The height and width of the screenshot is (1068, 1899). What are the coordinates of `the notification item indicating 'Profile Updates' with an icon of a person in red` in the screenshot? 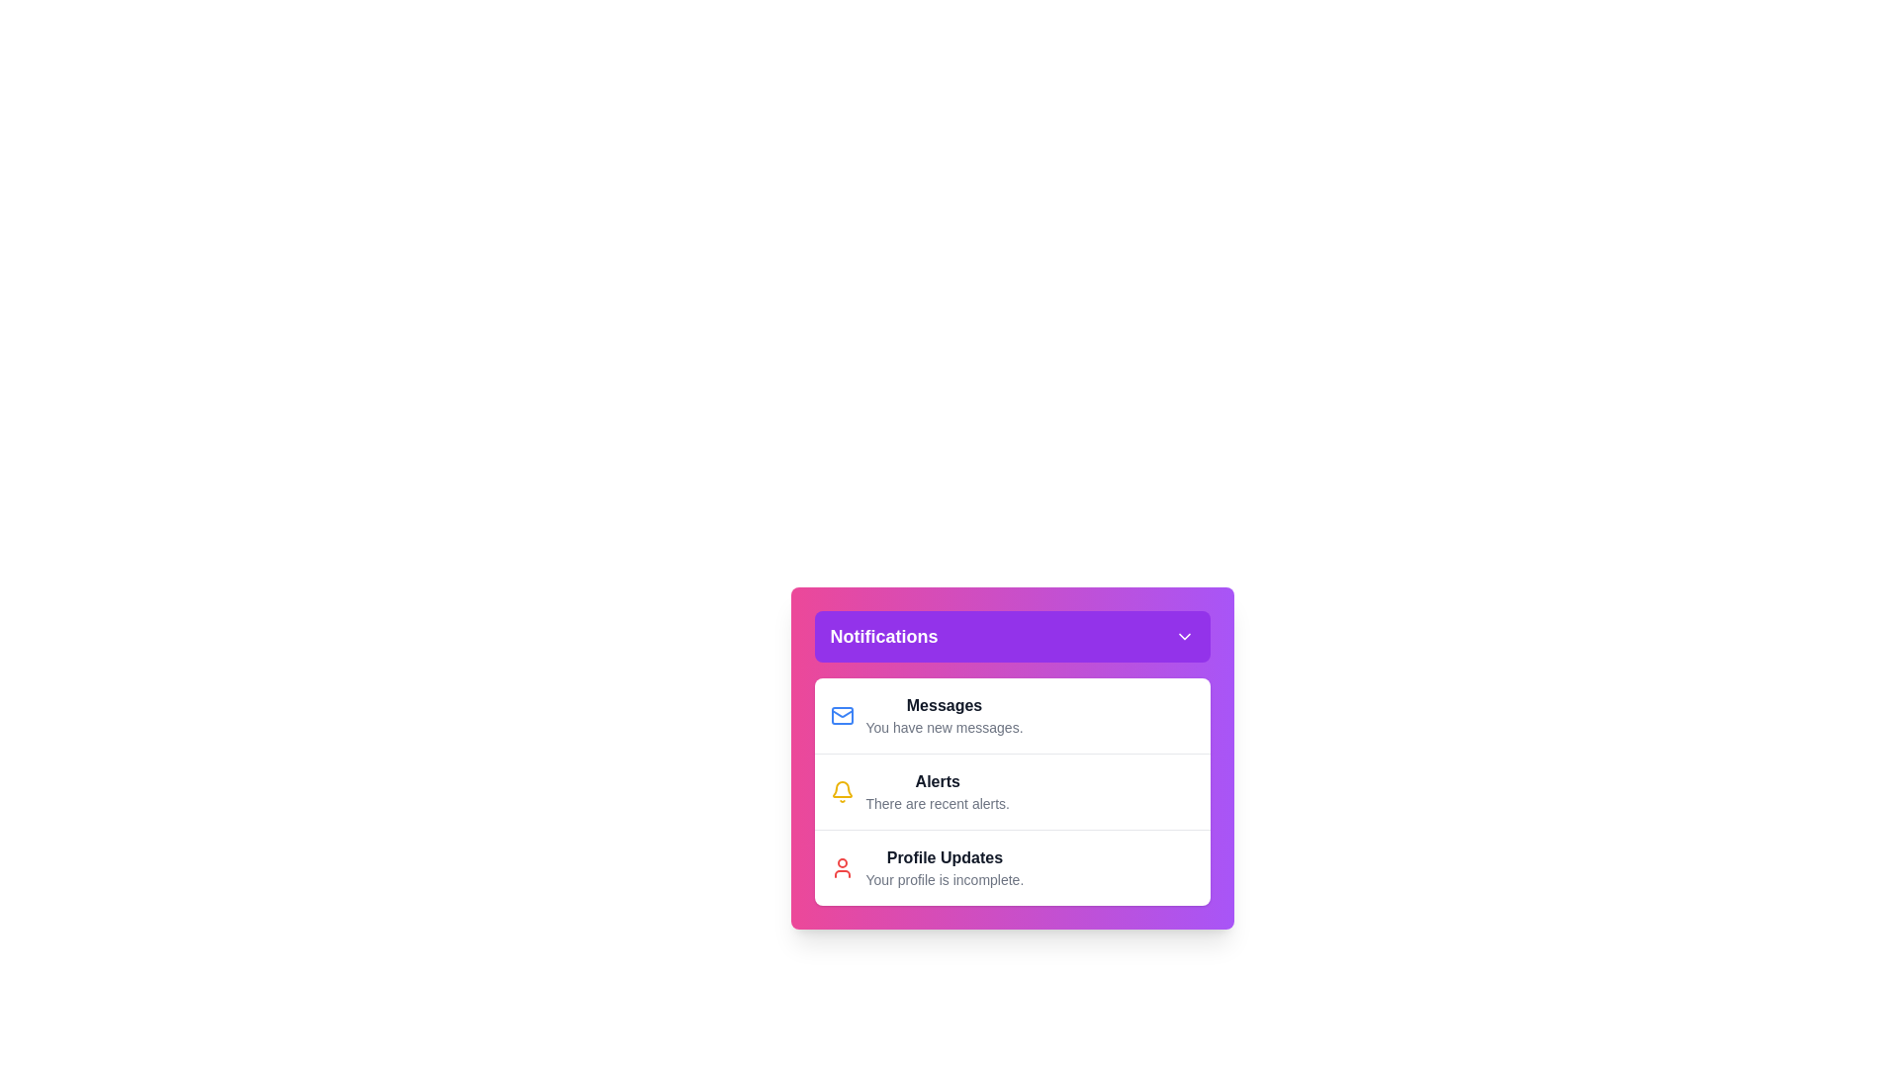 It's located at (1012, 866).